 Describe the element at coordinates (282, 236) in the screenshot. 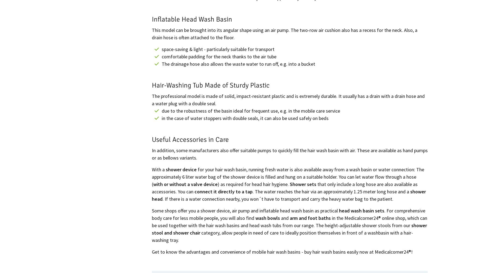

I see `'category, allow people in need of care to ideally position themselves in front of a washbasin with a hair-washing tray.'` at that location.